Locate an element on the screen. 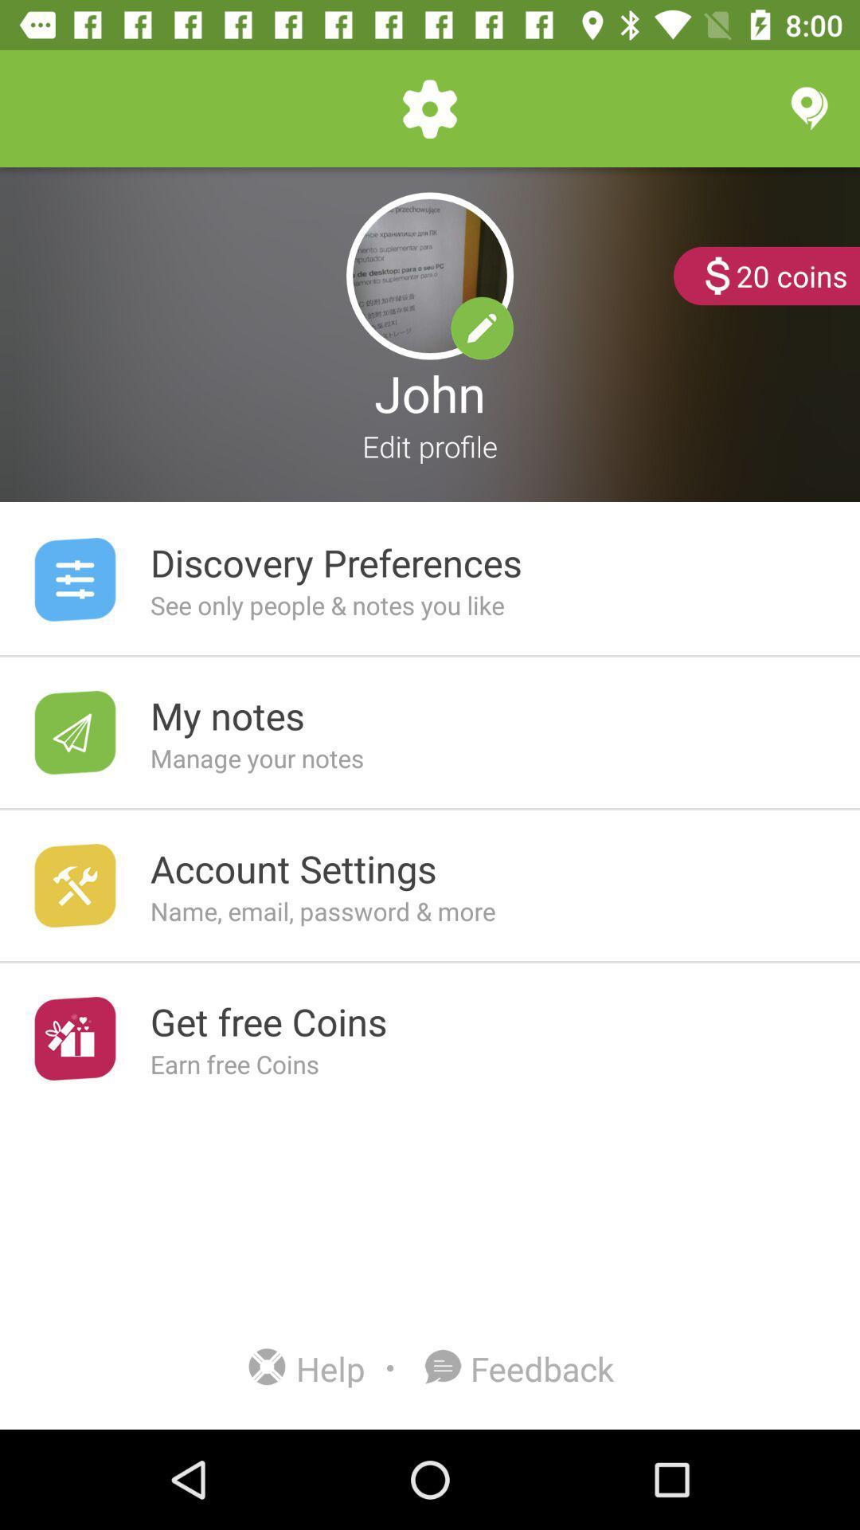 The image size is (860, 1530). the settings option is located at coordinates (430, 108).